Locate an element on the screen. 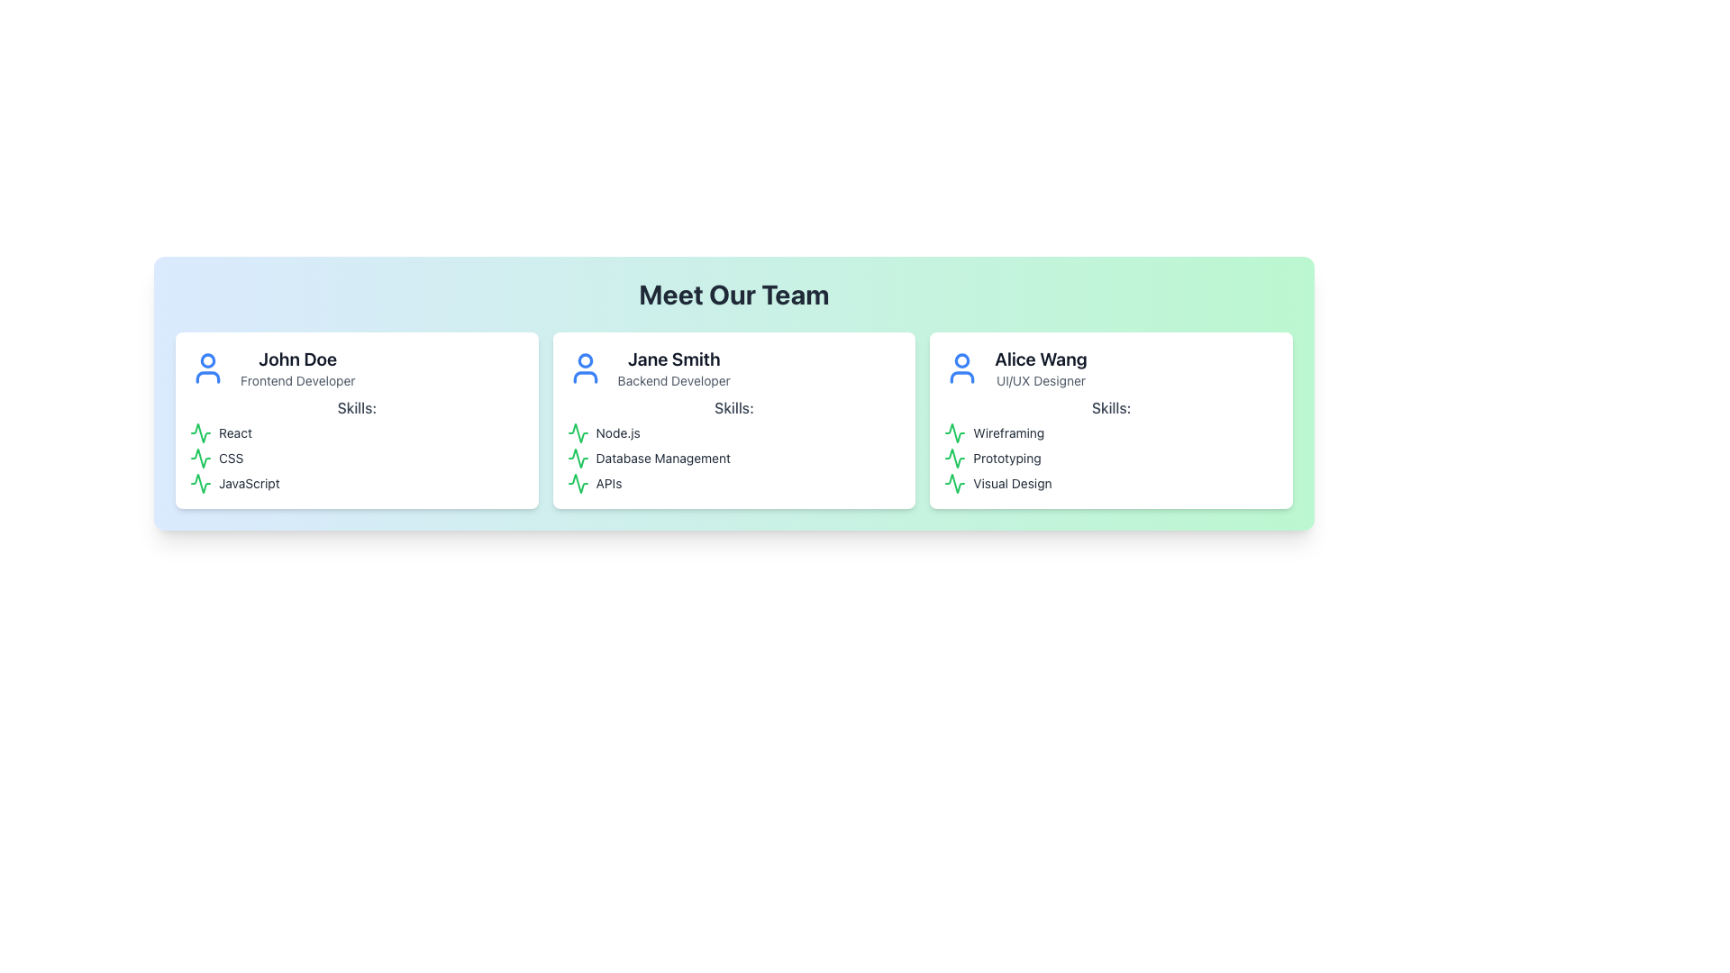  the 'JavaScript' skill icon located in the 'Skills' section of John Doe's profile card, which visually represents proficiency in JavaScript is located at coordinates (200, 482).